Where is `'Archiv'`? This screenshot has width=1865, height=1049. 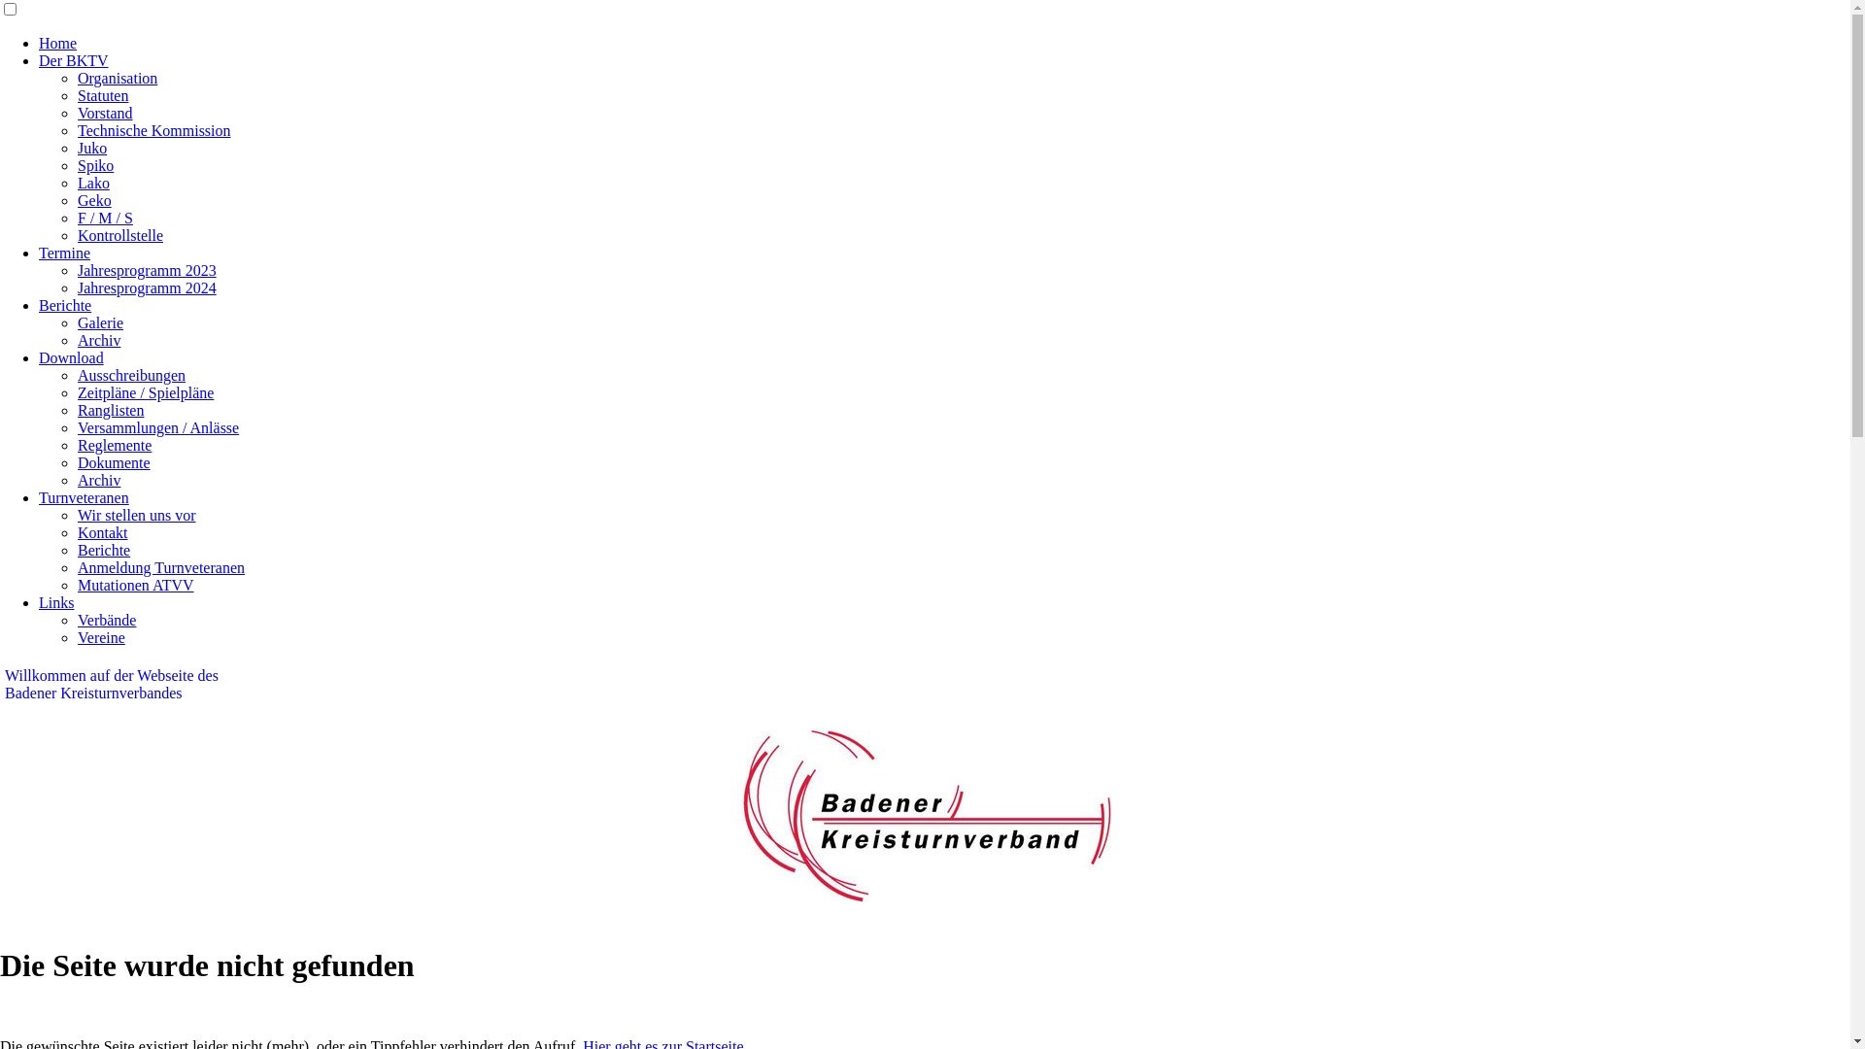
'Archiv' is located at coordinates (97, 480).